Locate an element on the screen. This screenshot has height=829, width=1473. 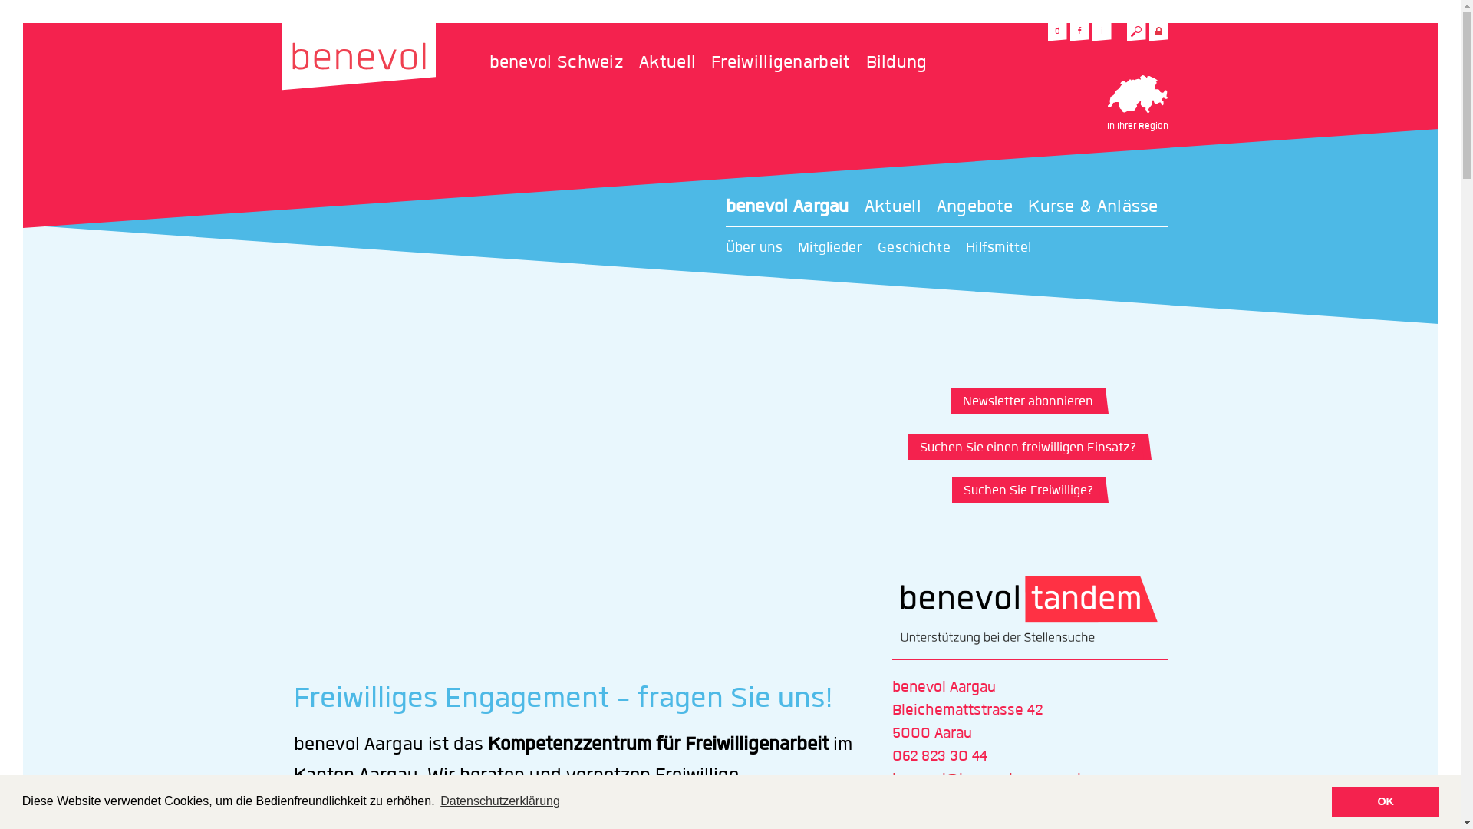
'Aktuell' is located at coordinates (865, 207).